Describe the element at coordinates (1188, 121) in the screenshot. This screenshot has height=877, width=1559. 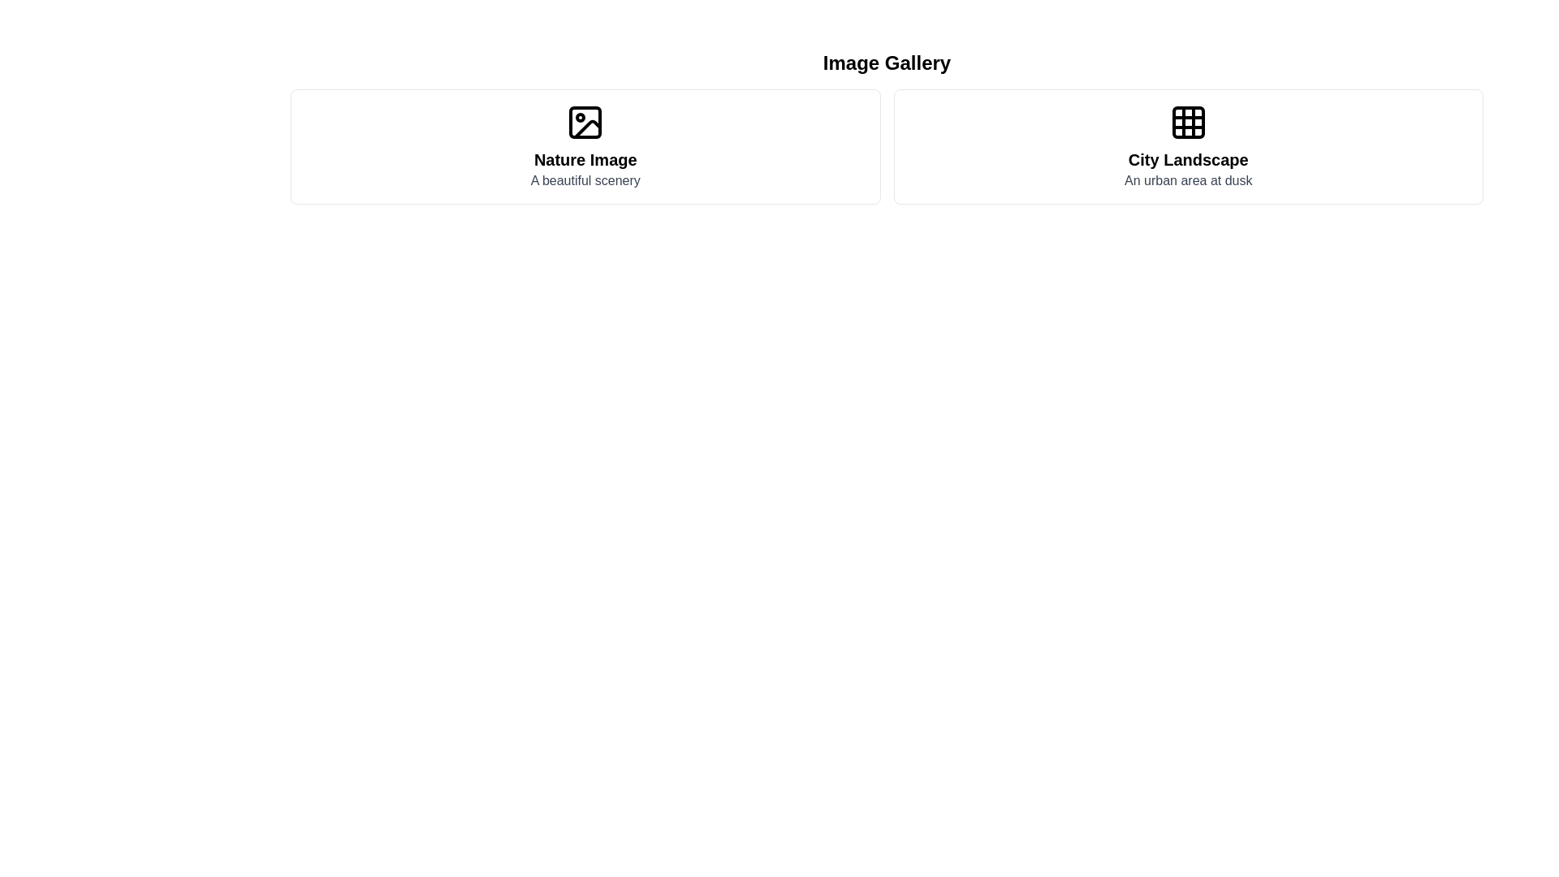
I see `the central rectangular section of the 3x3 grid icon, which is located above the 'City Landscape' label in the gallery layout` at that location.